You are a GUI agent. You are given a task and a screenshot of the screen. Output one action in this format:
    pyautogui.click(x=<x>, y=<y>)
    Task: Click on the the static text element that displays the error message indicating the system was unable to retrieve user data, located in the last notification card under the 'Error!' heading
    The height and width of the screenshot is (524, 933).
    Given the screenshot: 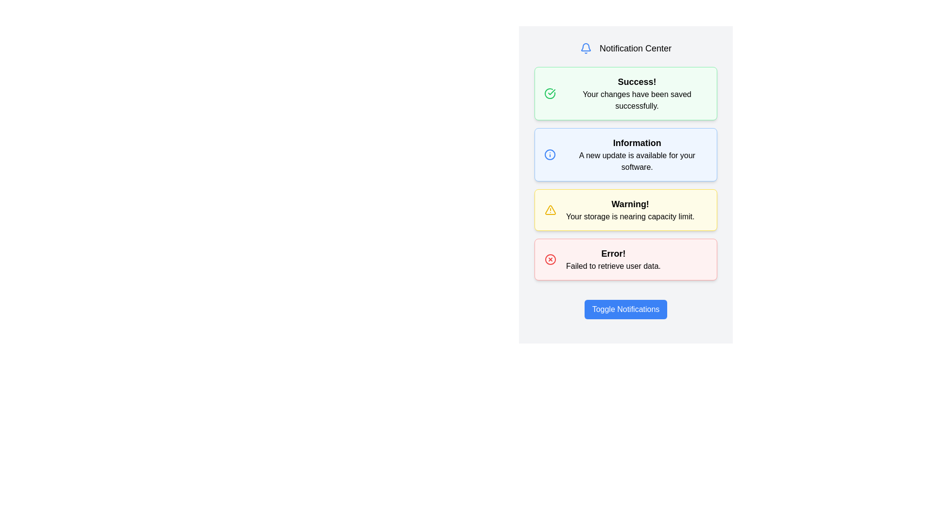 What is the action you would take?
    pyautogui.click(x=613, y=266)
    